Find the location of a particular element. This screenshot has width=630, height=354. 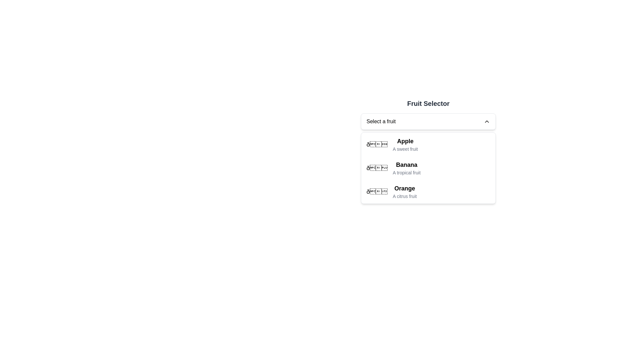

the bold text label 'Orange' in the dropdown menu under 'Fruit Selector', which is positioned between 'Banana' and descriptive text is located at coordinates (404, 188).